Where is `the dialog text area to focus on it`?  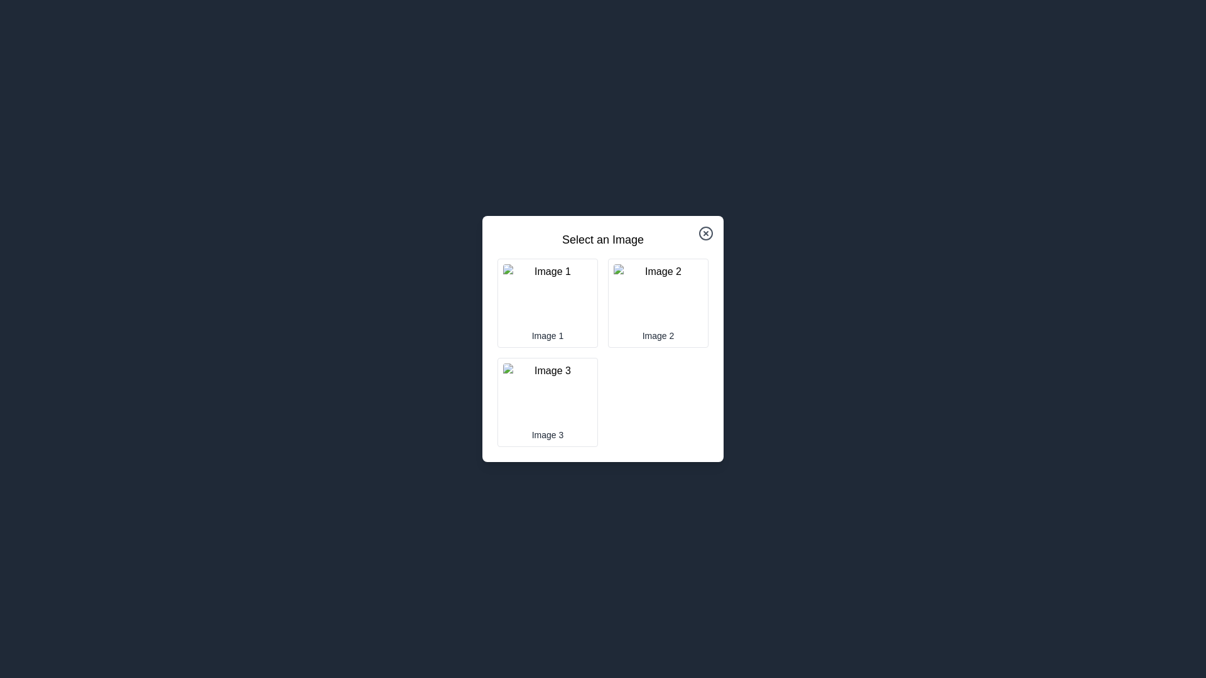
the dialog text area to focus on it is located at coordinates (603, 239).